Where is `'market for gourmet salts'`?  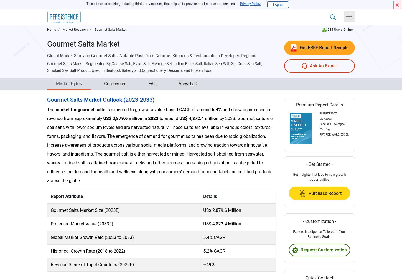
'market for gourmet salts' is located at coordinates (80, 109).